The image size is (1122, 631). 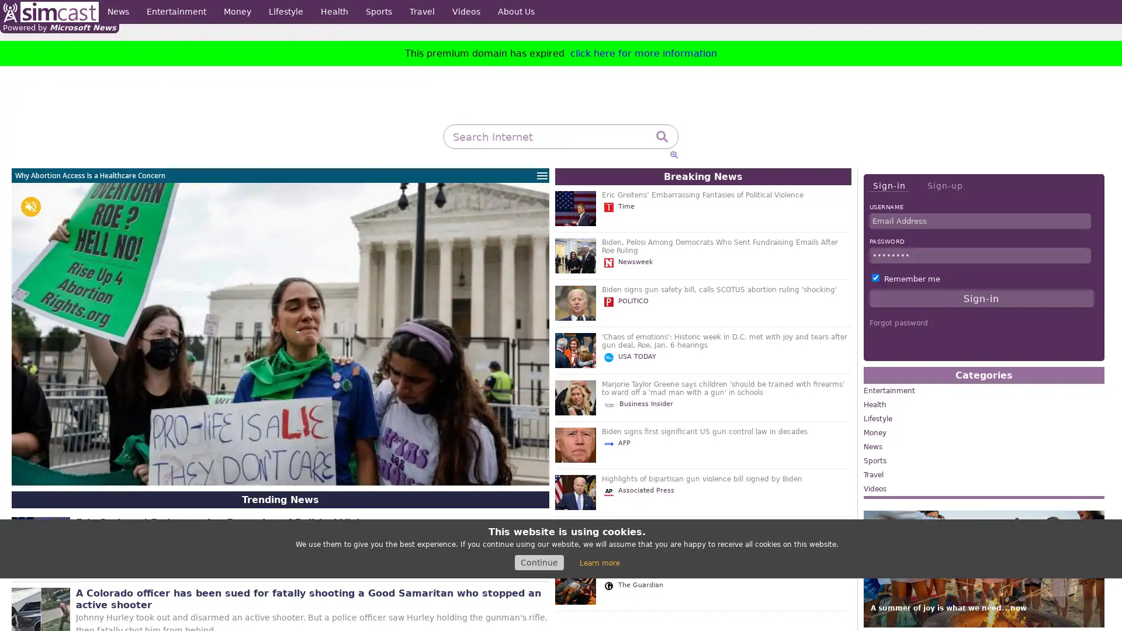 I want to click on Sign-in, so click(x=888, y=185).